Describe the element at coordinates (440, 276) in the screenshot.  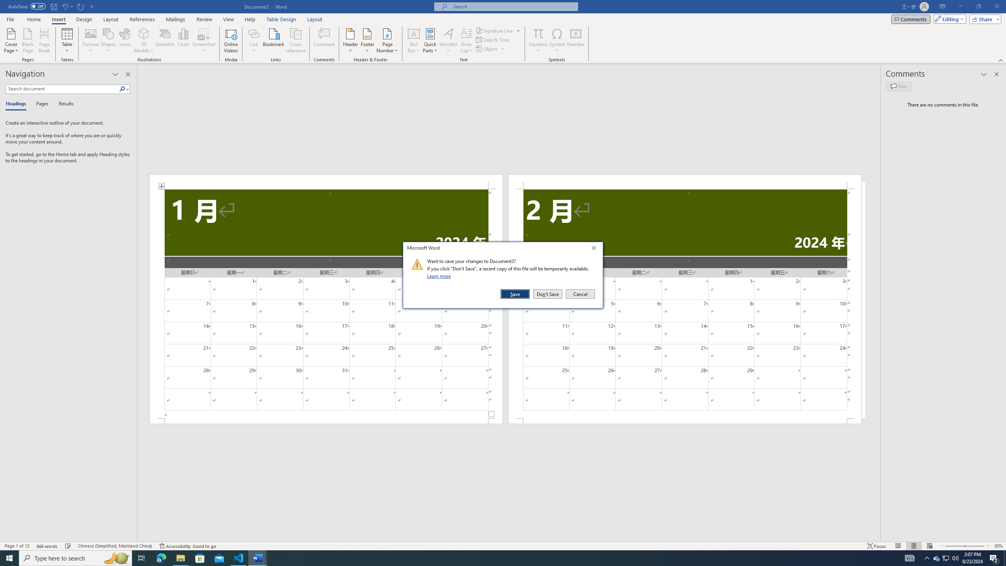
I see `'Learn more'` at that location.